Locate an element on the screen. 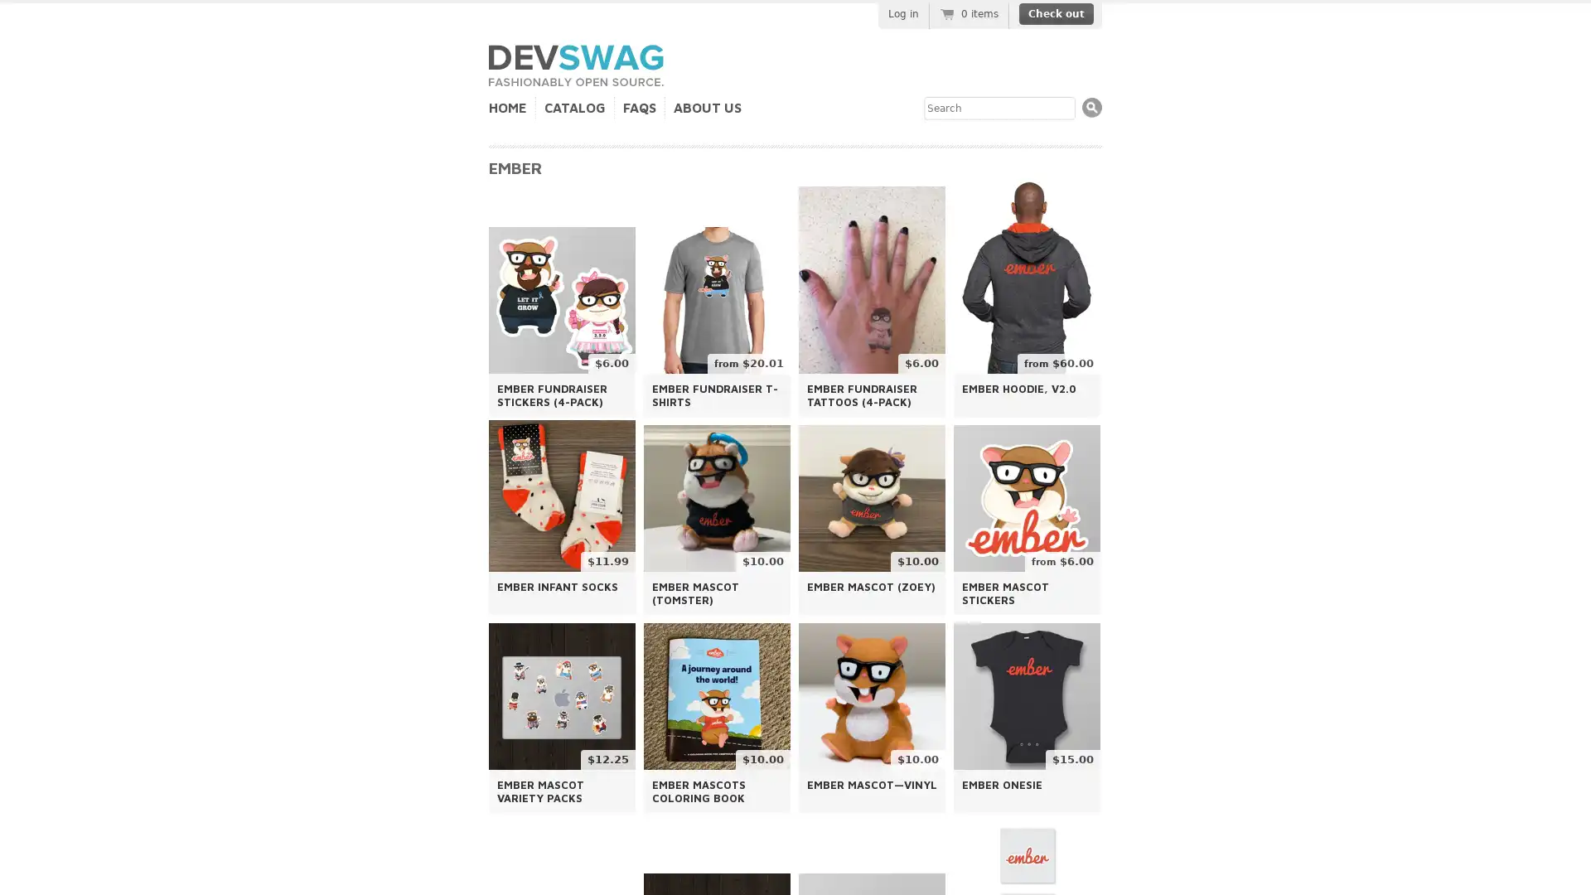 The width and height of the screenshot is (1591, 895). Search is located at coordinates (1092, 107).